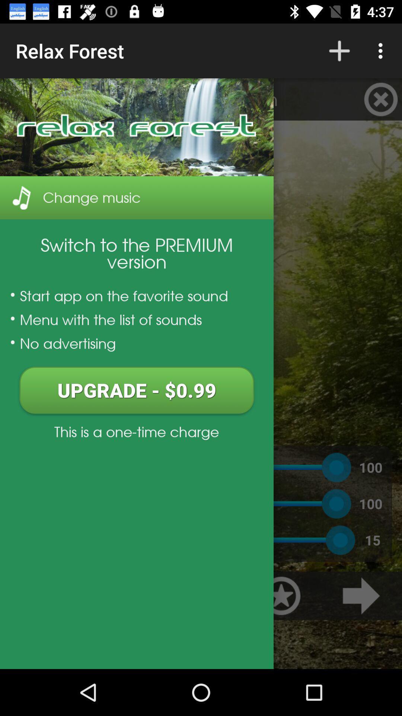  I want to click on the arrow_forward icon, so click(361, 595).